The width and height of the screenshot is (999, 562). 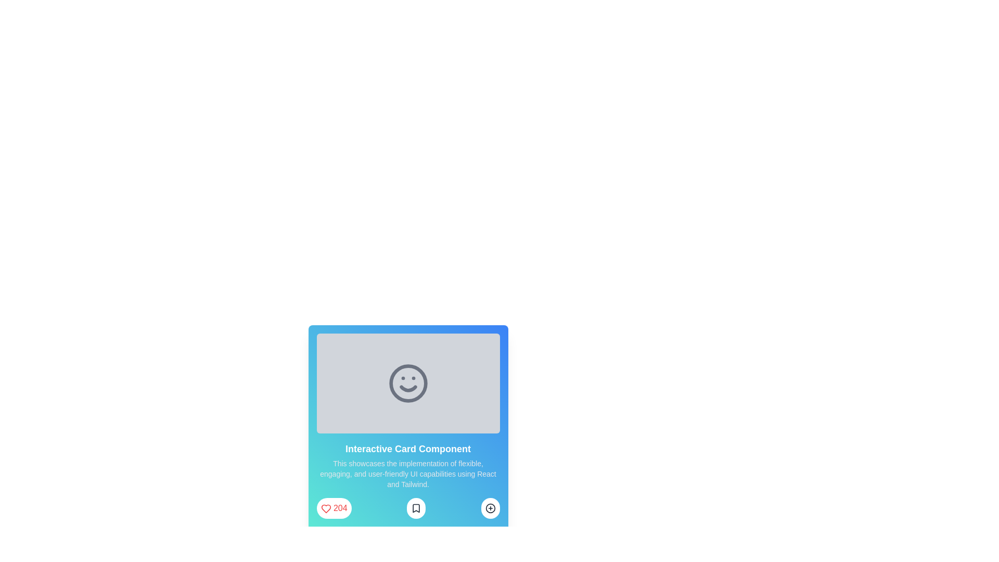 I want to click on the circular button with a bookmark icon, located in the lower section of the card, between the heart icon button and the plus icon button, to observe potential hover effects, so click(x=407, y=507).